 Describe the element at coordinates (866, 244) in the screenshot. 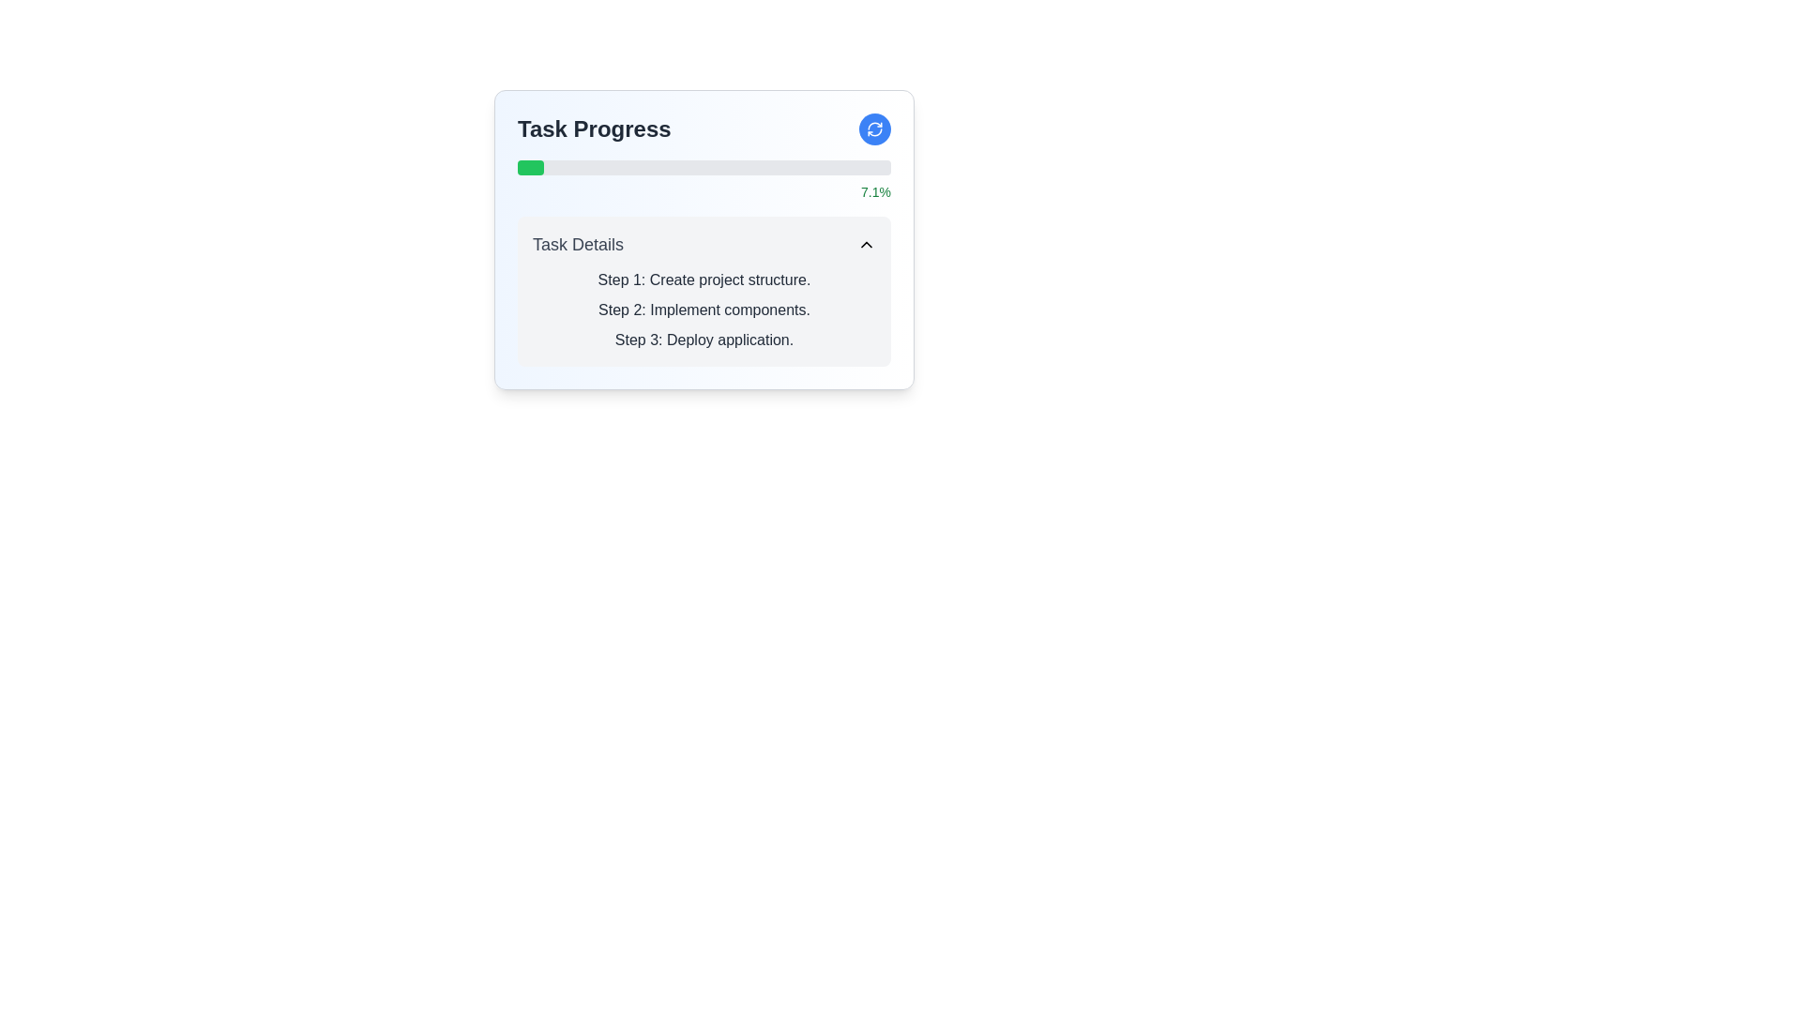

I see `the upward-pointing chevron icon located at the top-right corner of the 'Task Details' section` at that location.